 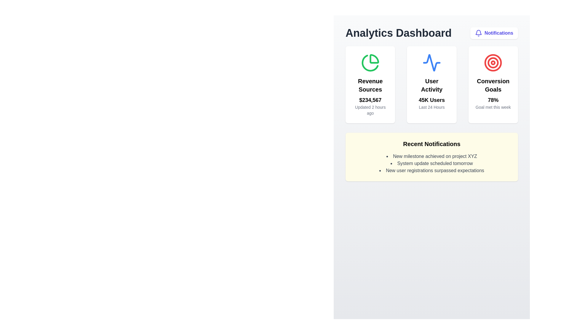 What do you see at coordinates (493, 84) in the screenshot?
I see `the Informational card displaying metrics, which is the third card in a row of three cards` at bounding box center [493, 84].